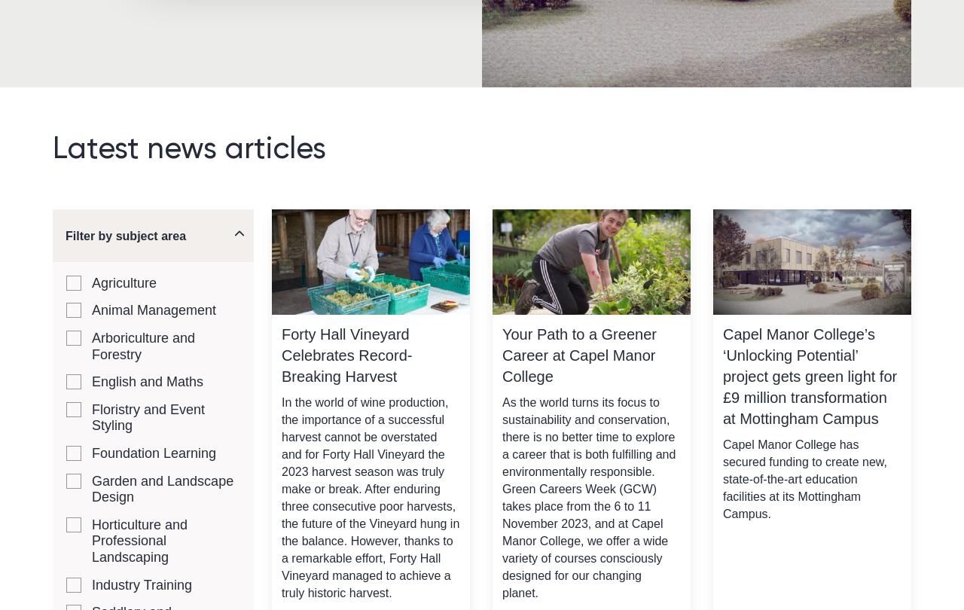 Image resolution: width=964 pixels, height=610 pixels. I want to click on 'Your Path to a Greener Career at Capel Manor College', so click(501, 355).